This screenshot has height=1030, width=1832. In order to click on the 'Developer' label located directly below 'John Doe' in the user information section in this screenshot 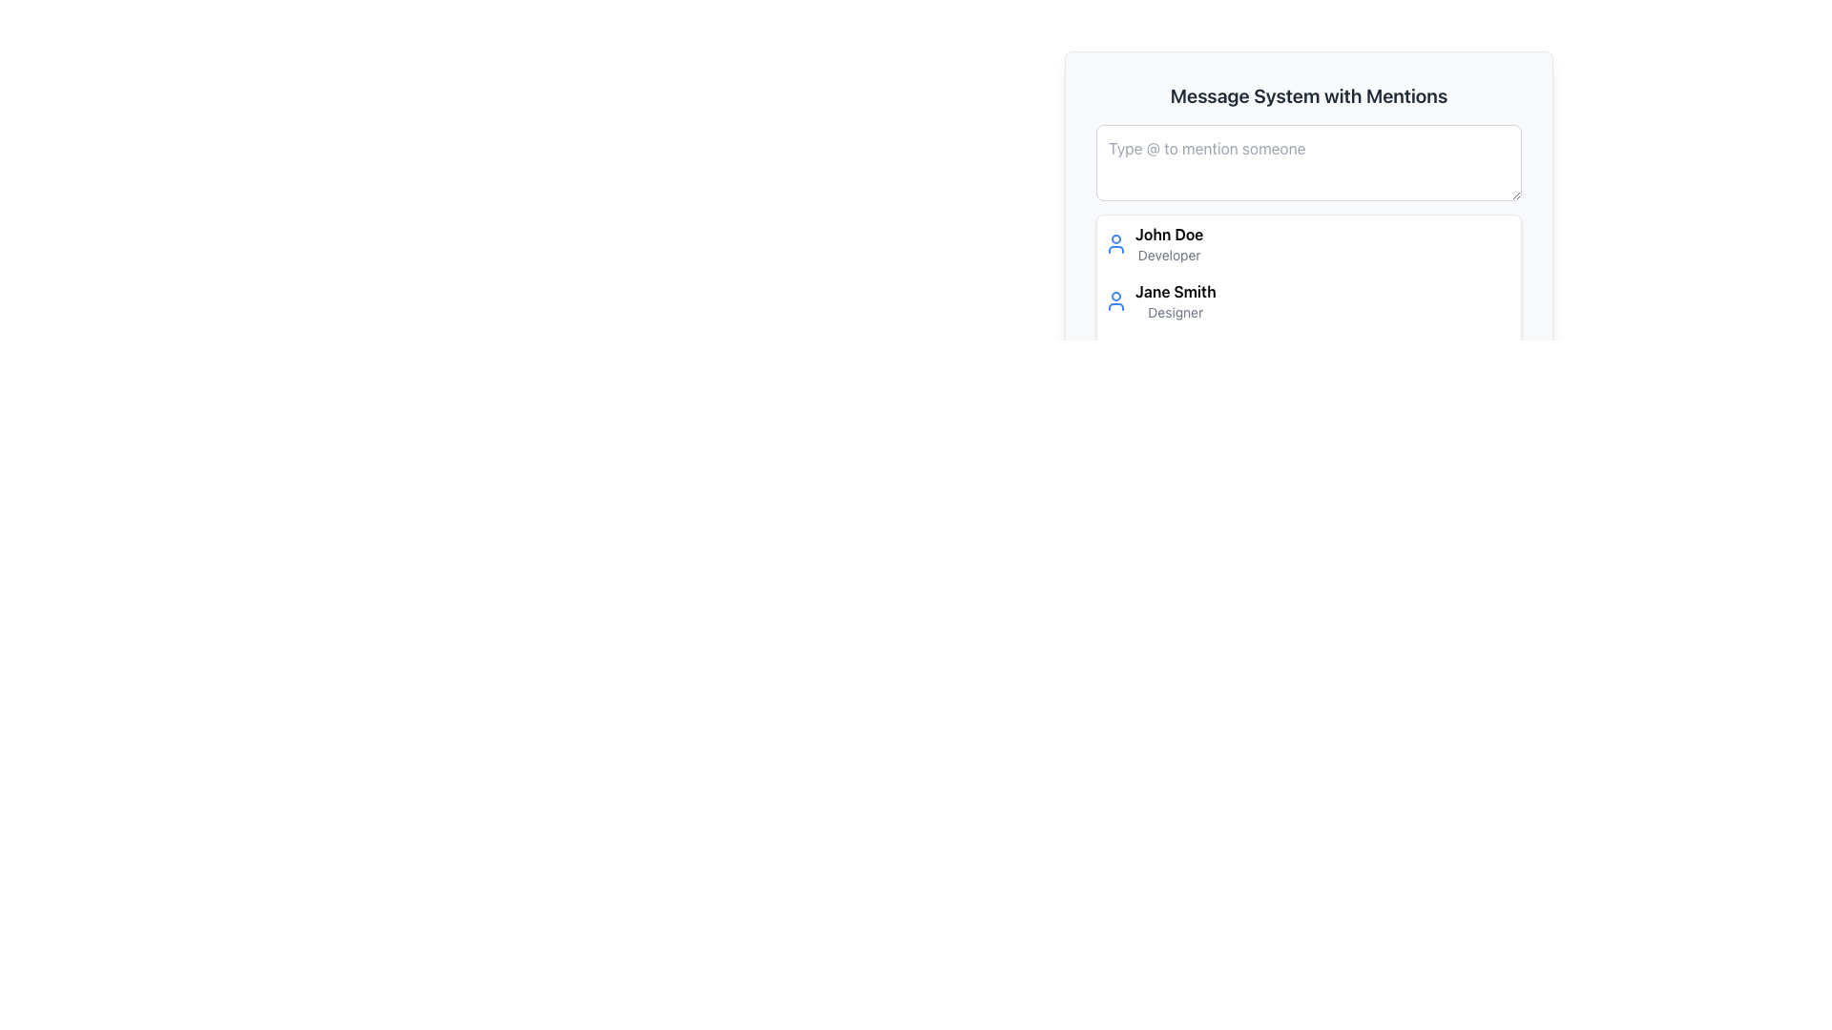, I will do `click(1168, 254)`.